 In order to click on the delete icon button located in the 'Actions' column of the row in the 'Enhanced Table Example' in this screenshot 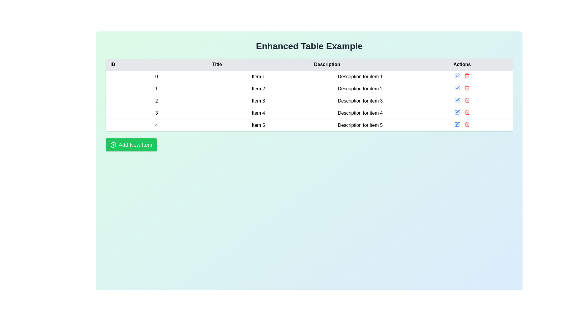, I will do `click(467, 88)`.